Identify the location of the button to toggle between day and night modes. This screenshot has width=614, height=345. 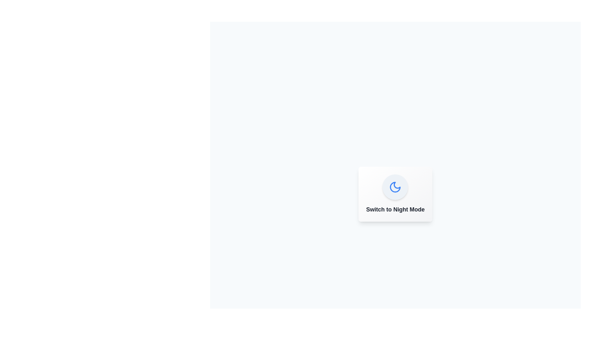
(395, 187).